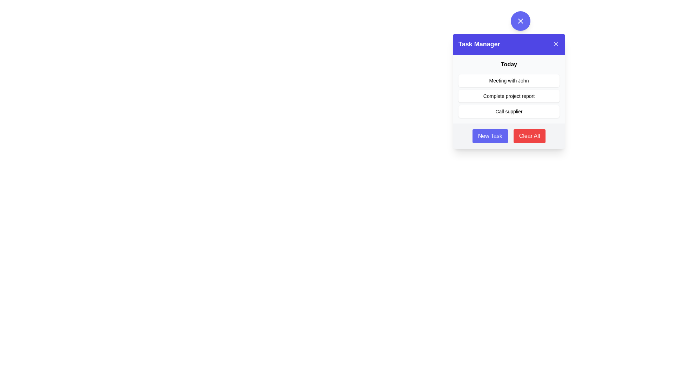 This screenshot has width=674, height=379. Describe the element at coordinates (509, 80) in the screenshot. I see `the task item labeled 'Meeting with John'` at that location.